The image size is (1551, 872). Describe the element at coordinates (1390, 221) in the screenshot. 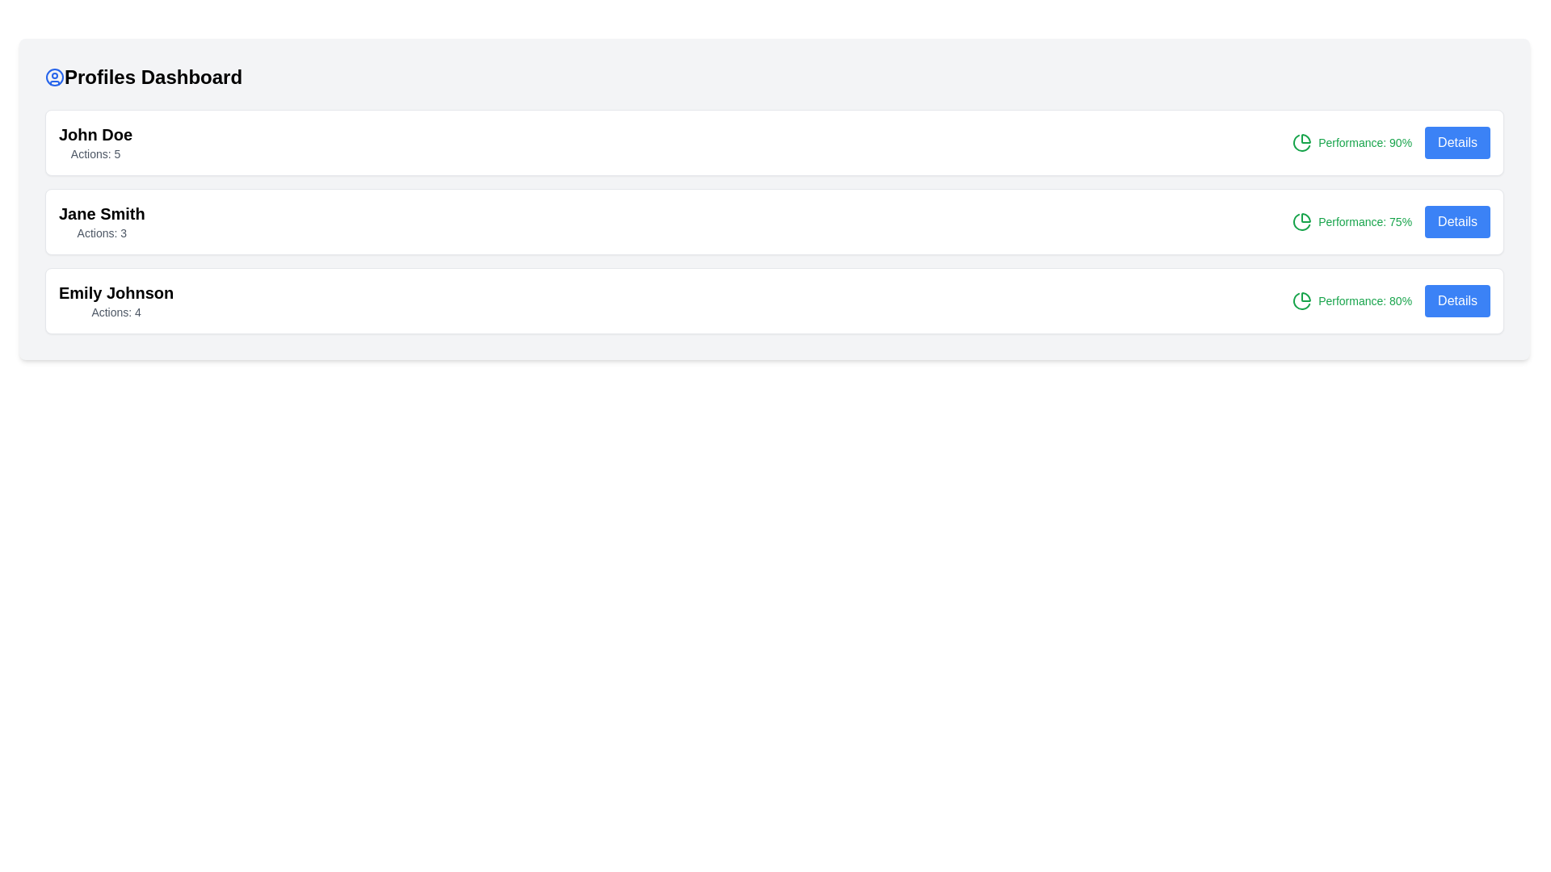

I see `the Label displaying 'Performance: 75%' with a pie chart icon and a blue 'Details' button, located in Jane Smith's profile card` at that location.